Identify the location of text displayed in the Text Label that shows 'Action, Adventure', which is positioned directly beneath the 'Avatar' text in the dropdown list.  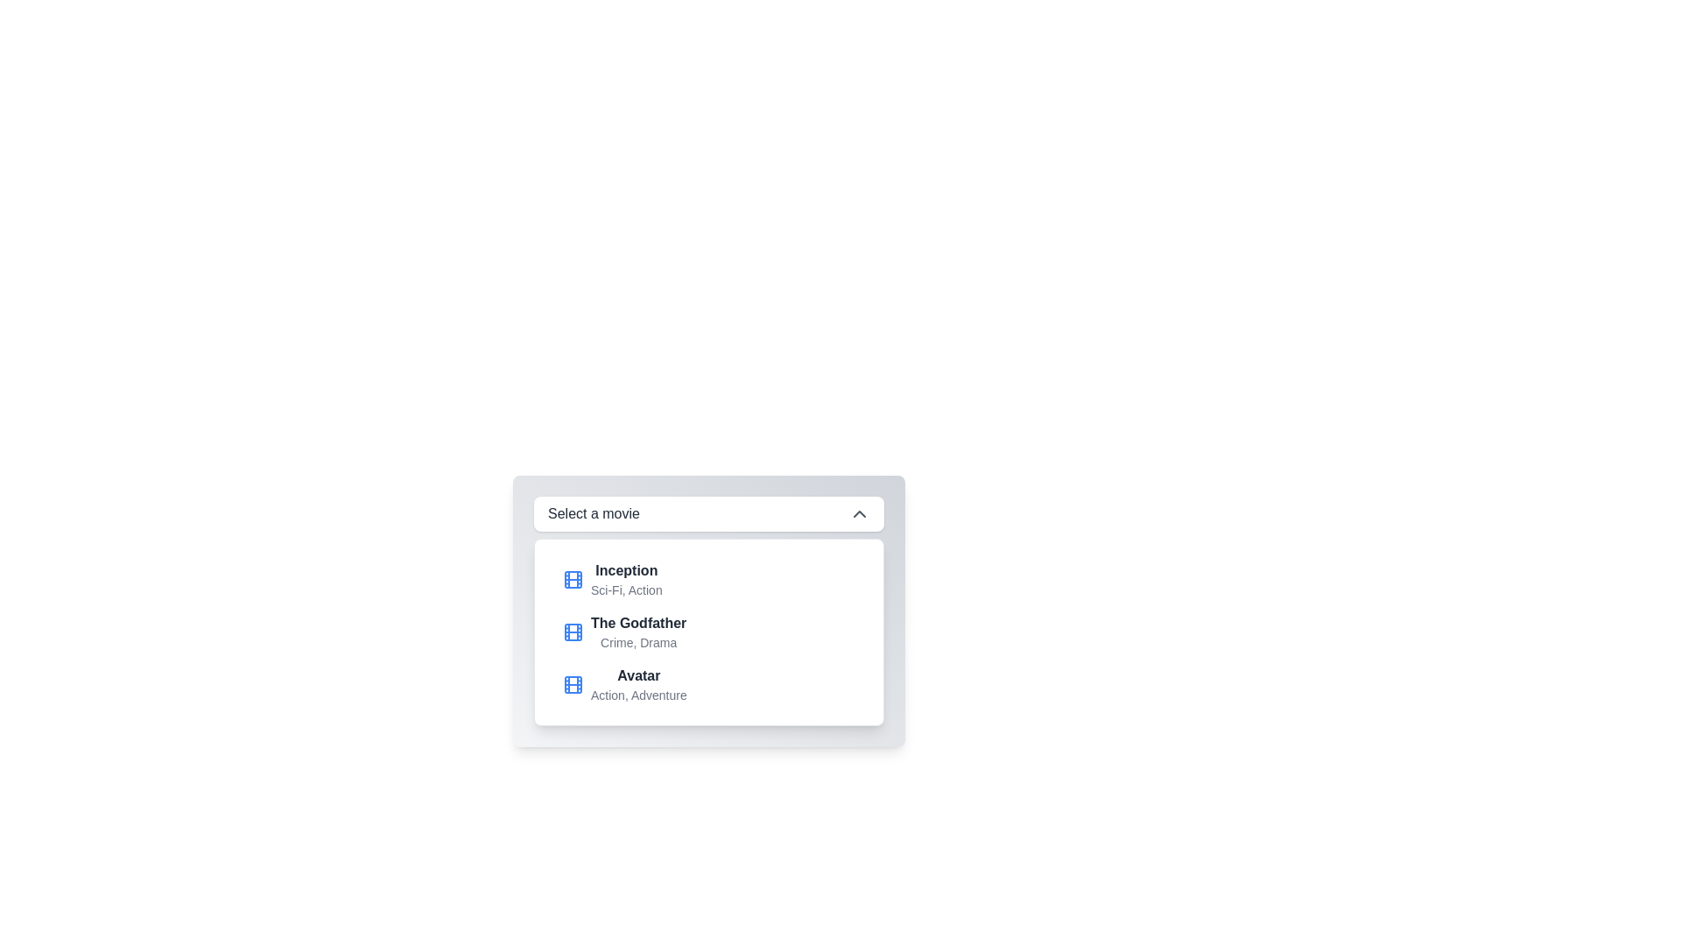
(637, 695).